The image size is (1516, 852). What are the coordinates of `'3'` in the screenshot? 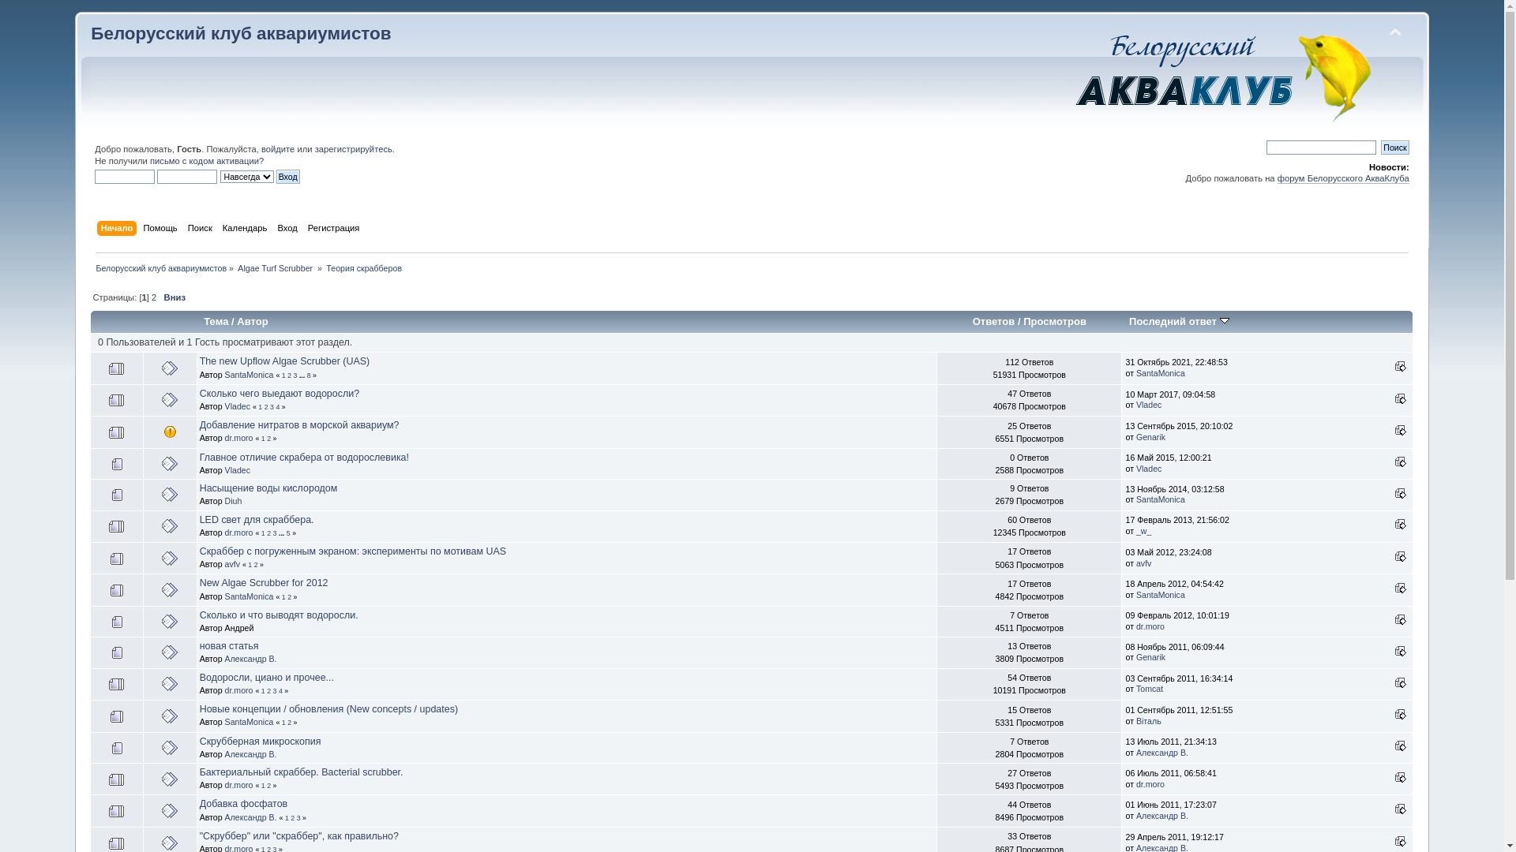 It's located at (272, 406).